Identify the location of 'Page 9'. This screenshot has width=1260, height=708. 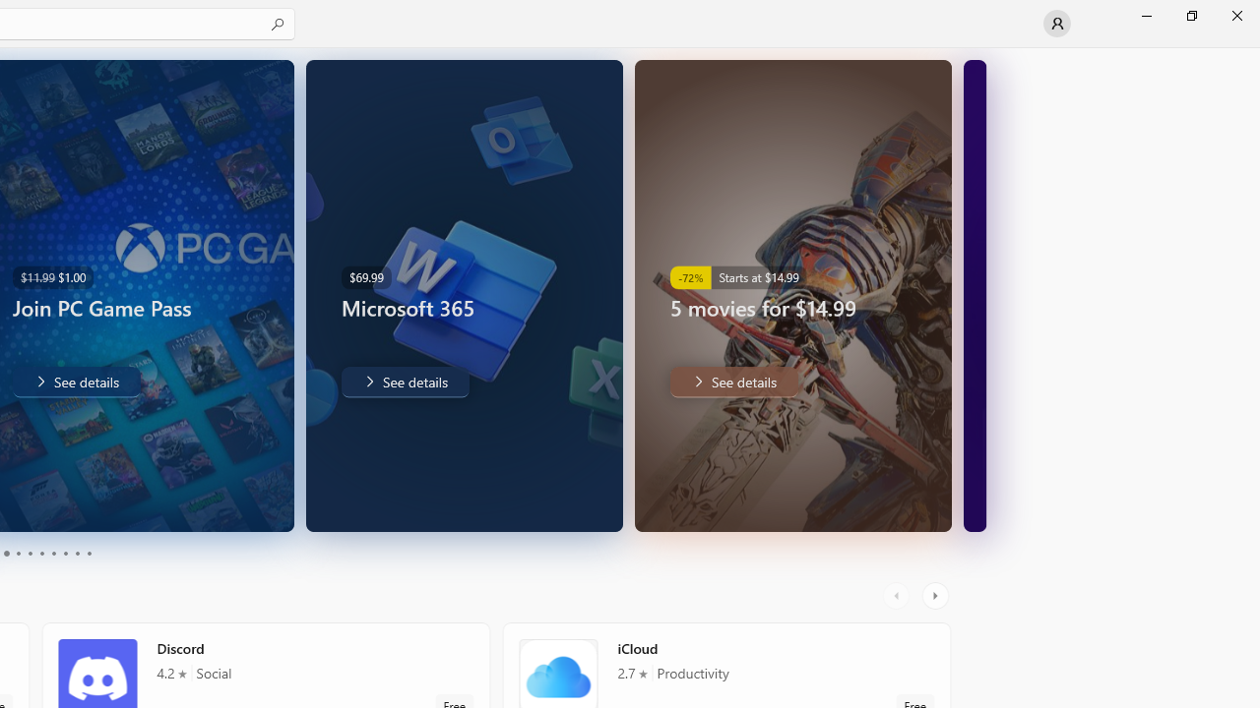
(77, 554).